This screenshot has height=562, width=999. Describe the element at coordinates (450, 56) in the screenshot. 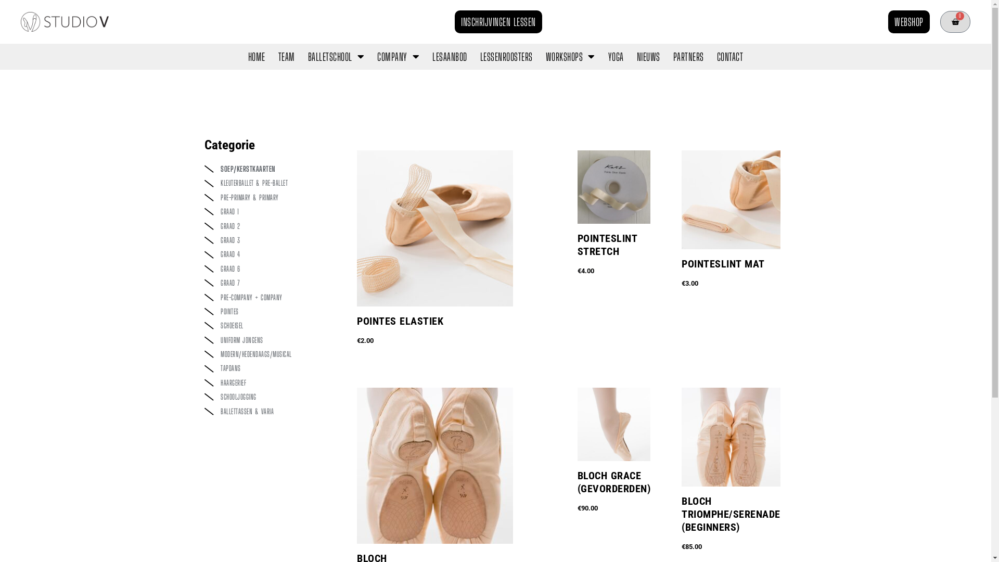

I see `'LESAANBOD'` at that location.